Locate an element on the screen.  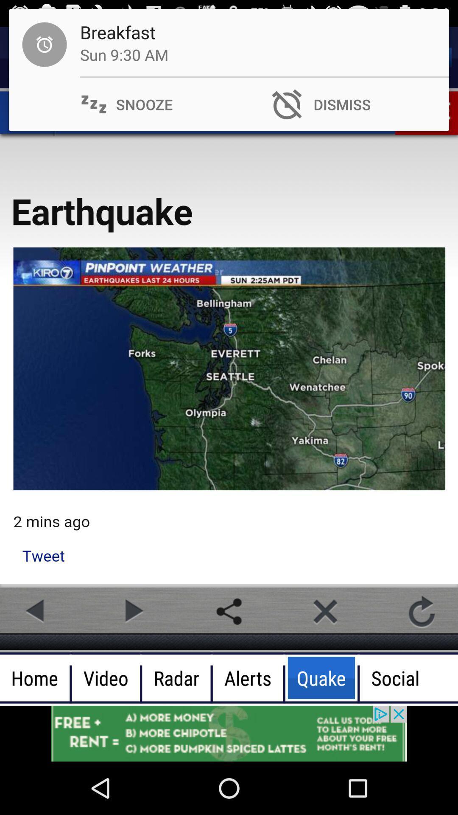
the close icon is located at coordinates (325, 611).